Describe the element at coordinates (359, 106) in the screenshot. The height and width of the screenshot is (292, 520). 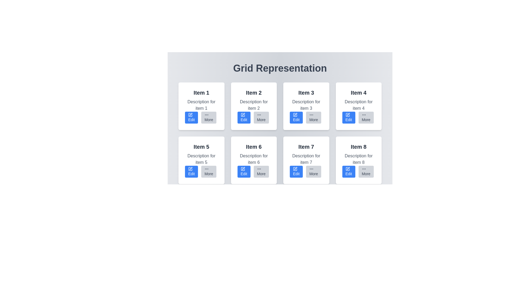
I see `the 'More' button on the Card titled 'Item 4', which is located in the first row, fourth column of the grid layout` at that location.